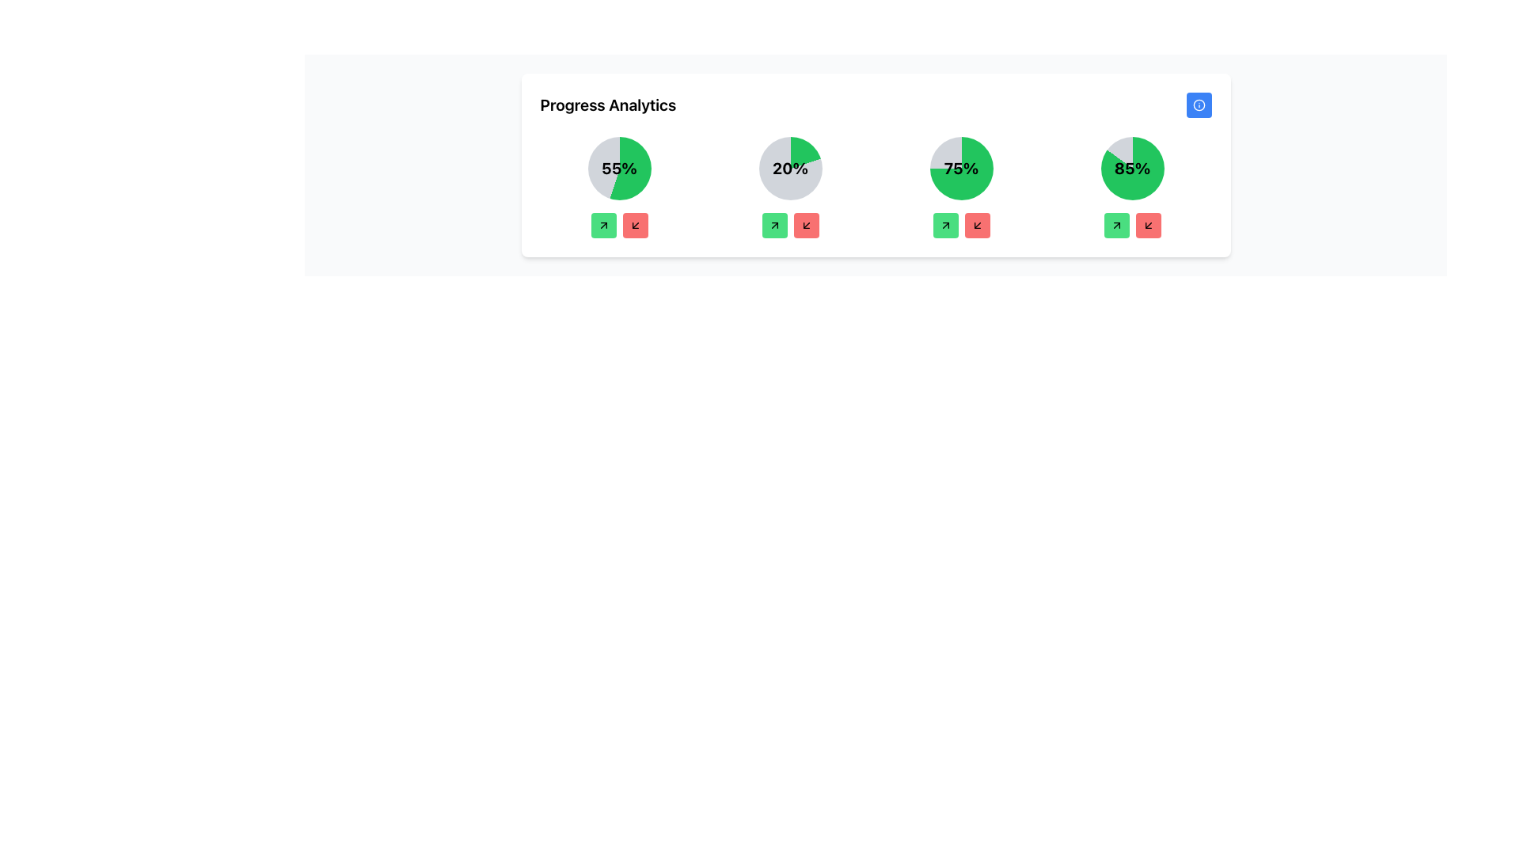 The image size is (1520, 855). What do you see at coordinates (1115, 226) in the screenshot?
I see `the arrow icon within the green button located below the '85%' progress display` at bounding box center [1115, 226].